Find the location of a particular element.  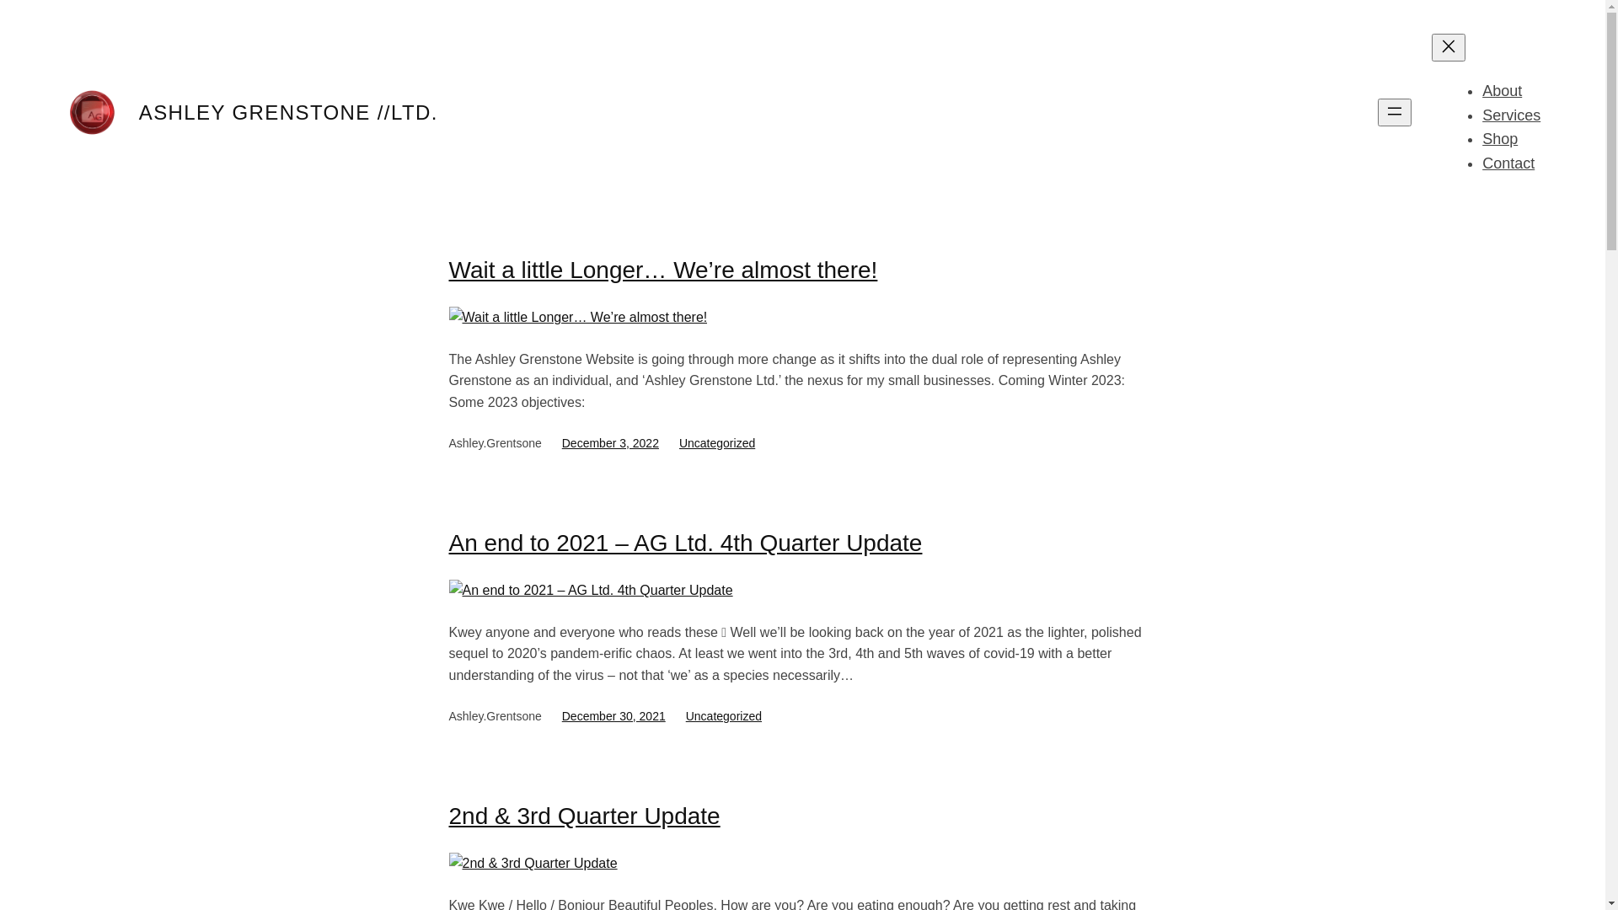

'Shop' is located at coordinates (1500, 138).